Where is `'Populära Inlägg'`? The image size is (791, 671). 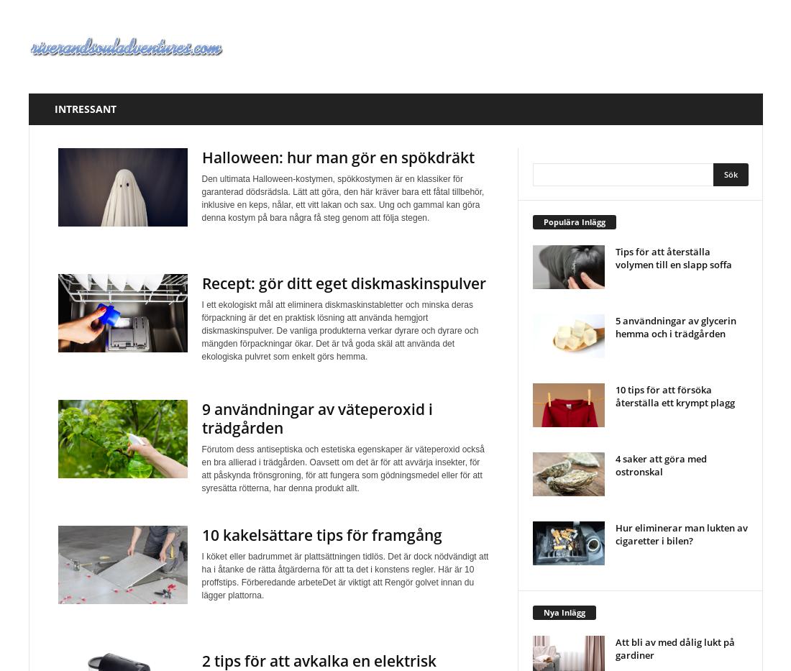 'Populära Inlägg' is located at coordinates (542, 221).